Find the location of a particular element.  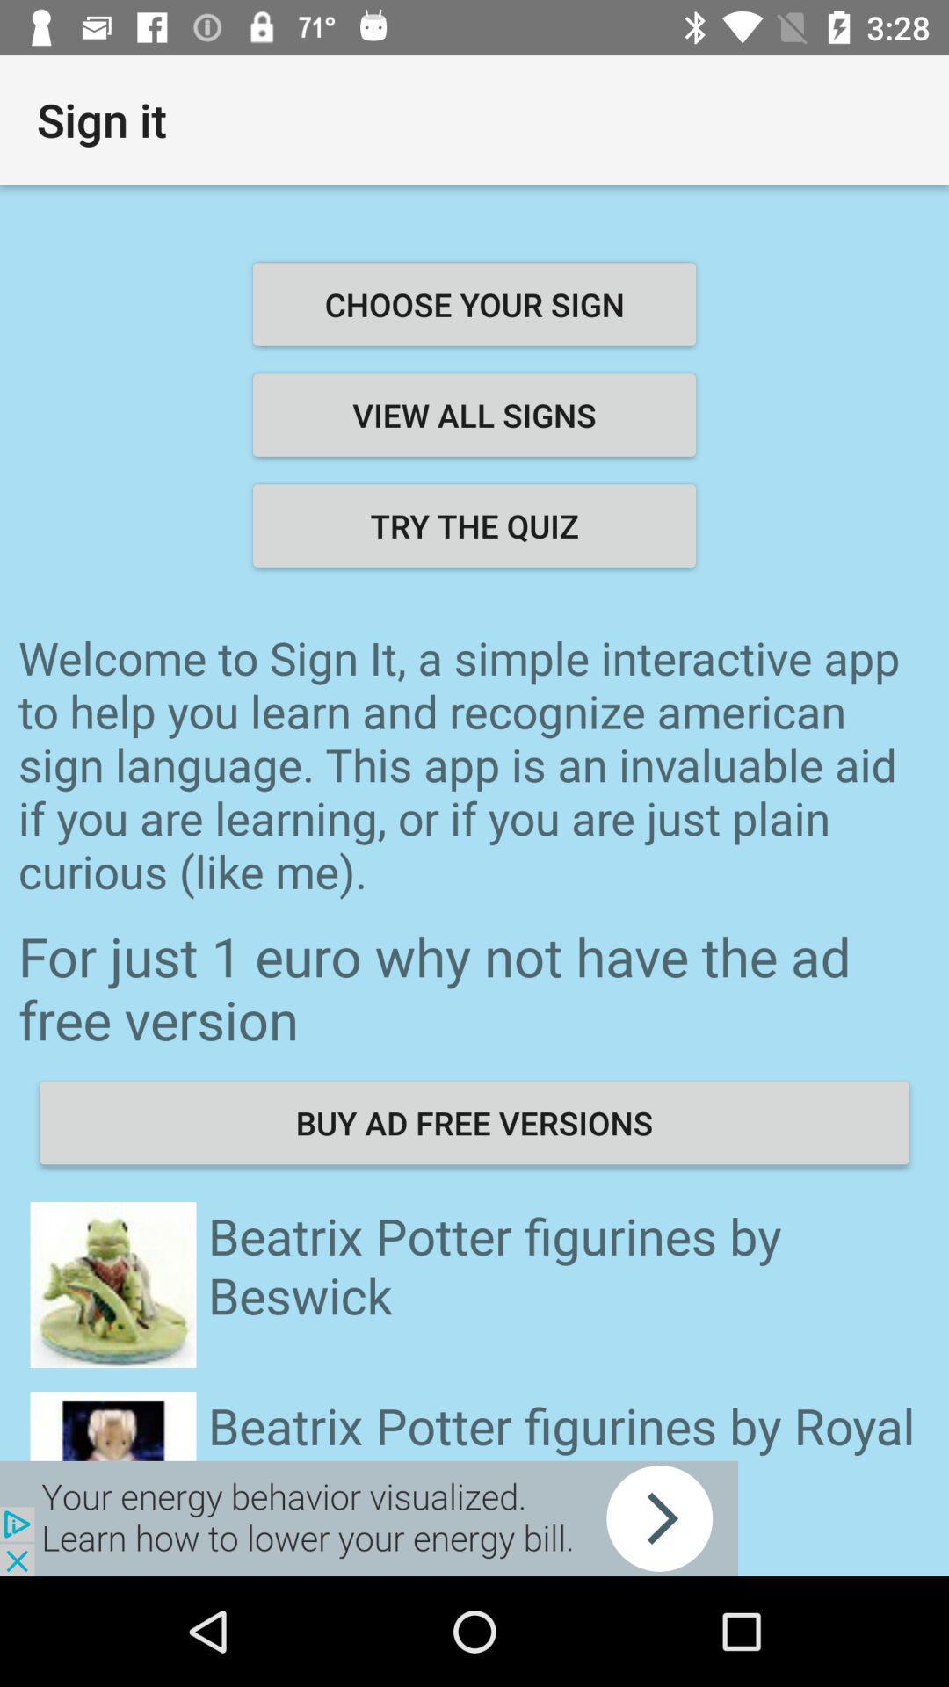

menu open button is located at coordinates (368, 1517).